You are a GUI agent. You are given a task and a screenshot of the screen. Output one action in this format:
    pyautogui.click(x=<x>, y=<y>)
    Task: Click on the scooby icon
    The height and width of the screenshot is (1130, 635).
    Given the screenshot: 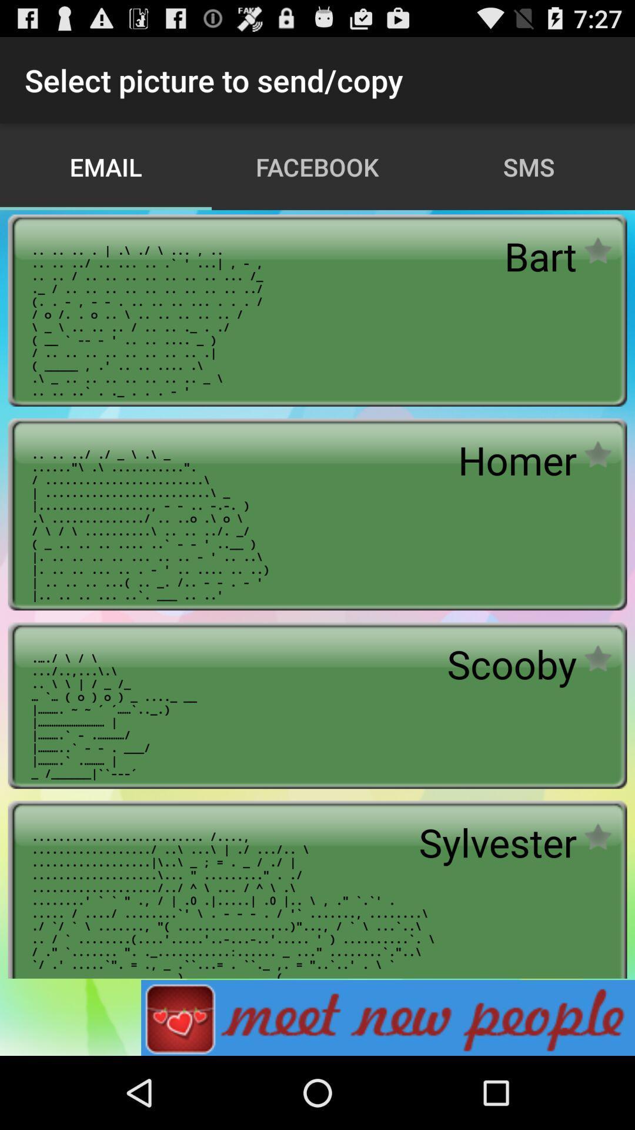 What is the action you would take?
    pyautogui.click(x=511, y=664)
    